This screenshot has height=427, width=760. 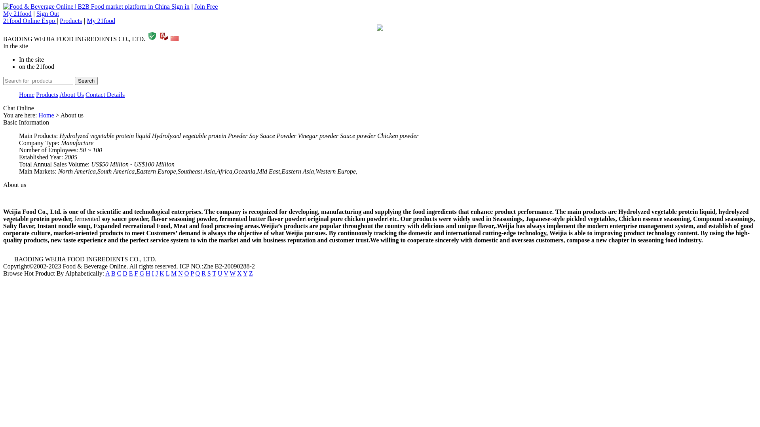 What do you see at coordinates (142, 273) in the screenshot?
I see `'G'` at bounding box center [142, 273].